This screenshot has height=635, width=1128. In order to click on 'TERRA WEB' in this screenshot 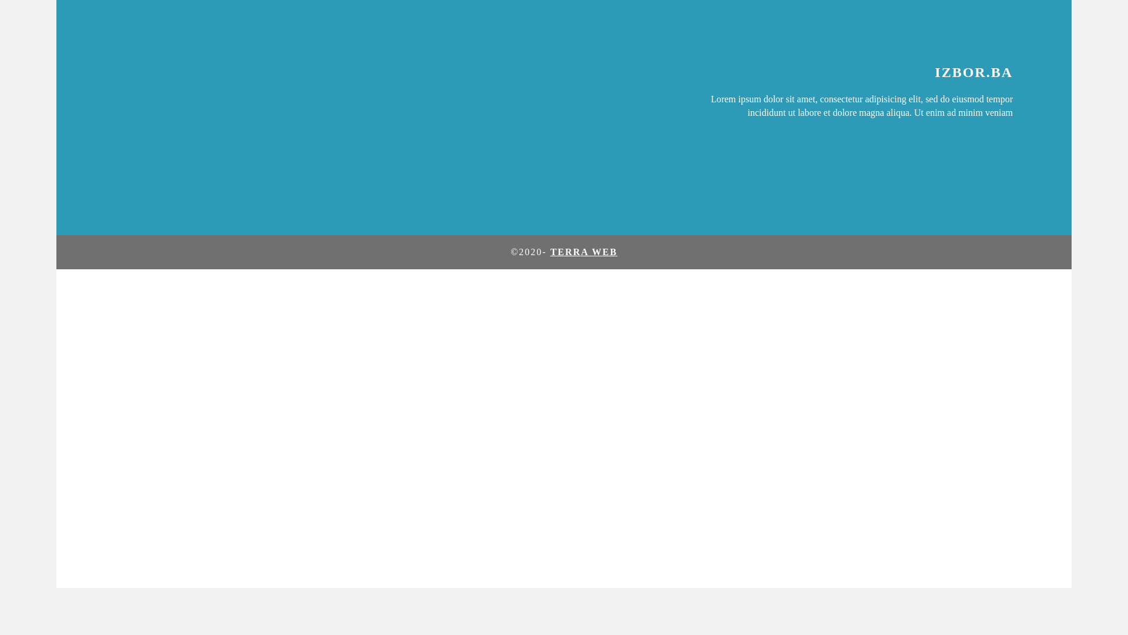, I will do `click(583, 251)`.